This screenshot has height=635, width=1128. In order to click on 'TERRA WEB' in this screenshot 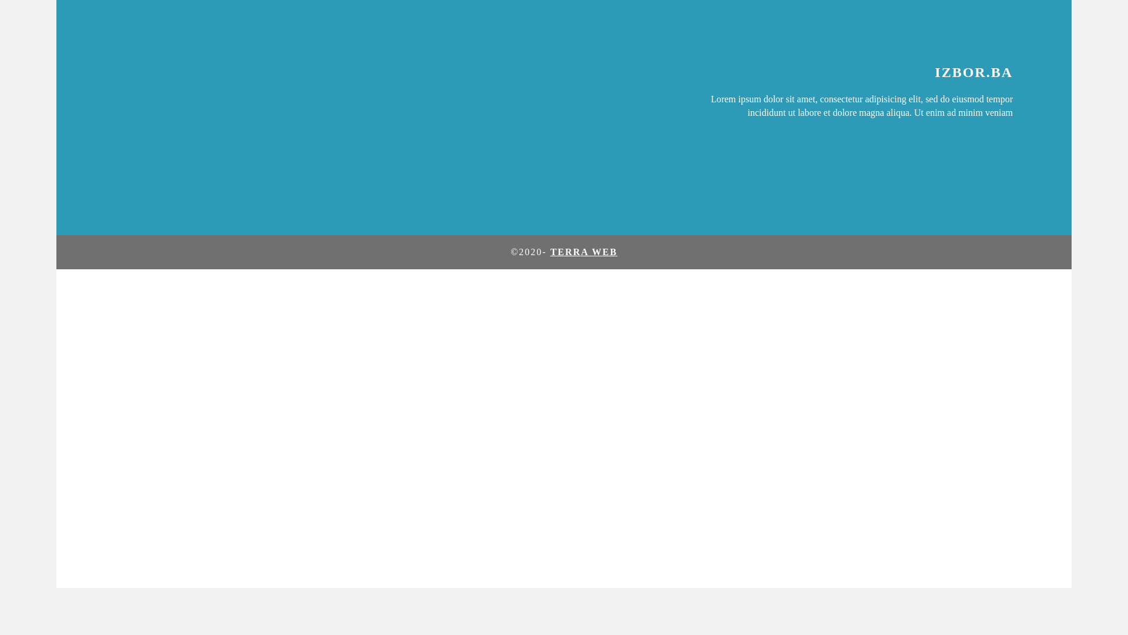, I will do `click(583, 251)`.